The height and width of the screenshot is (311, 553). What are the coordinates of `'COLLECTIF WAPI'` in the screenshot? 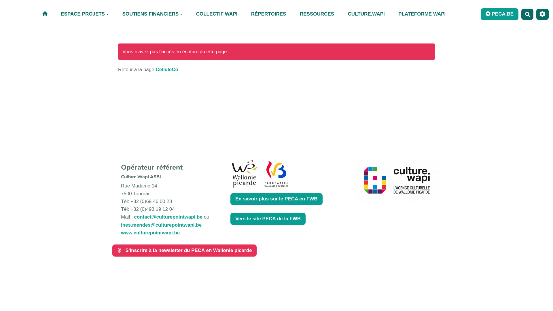 It's located at (216, 14).